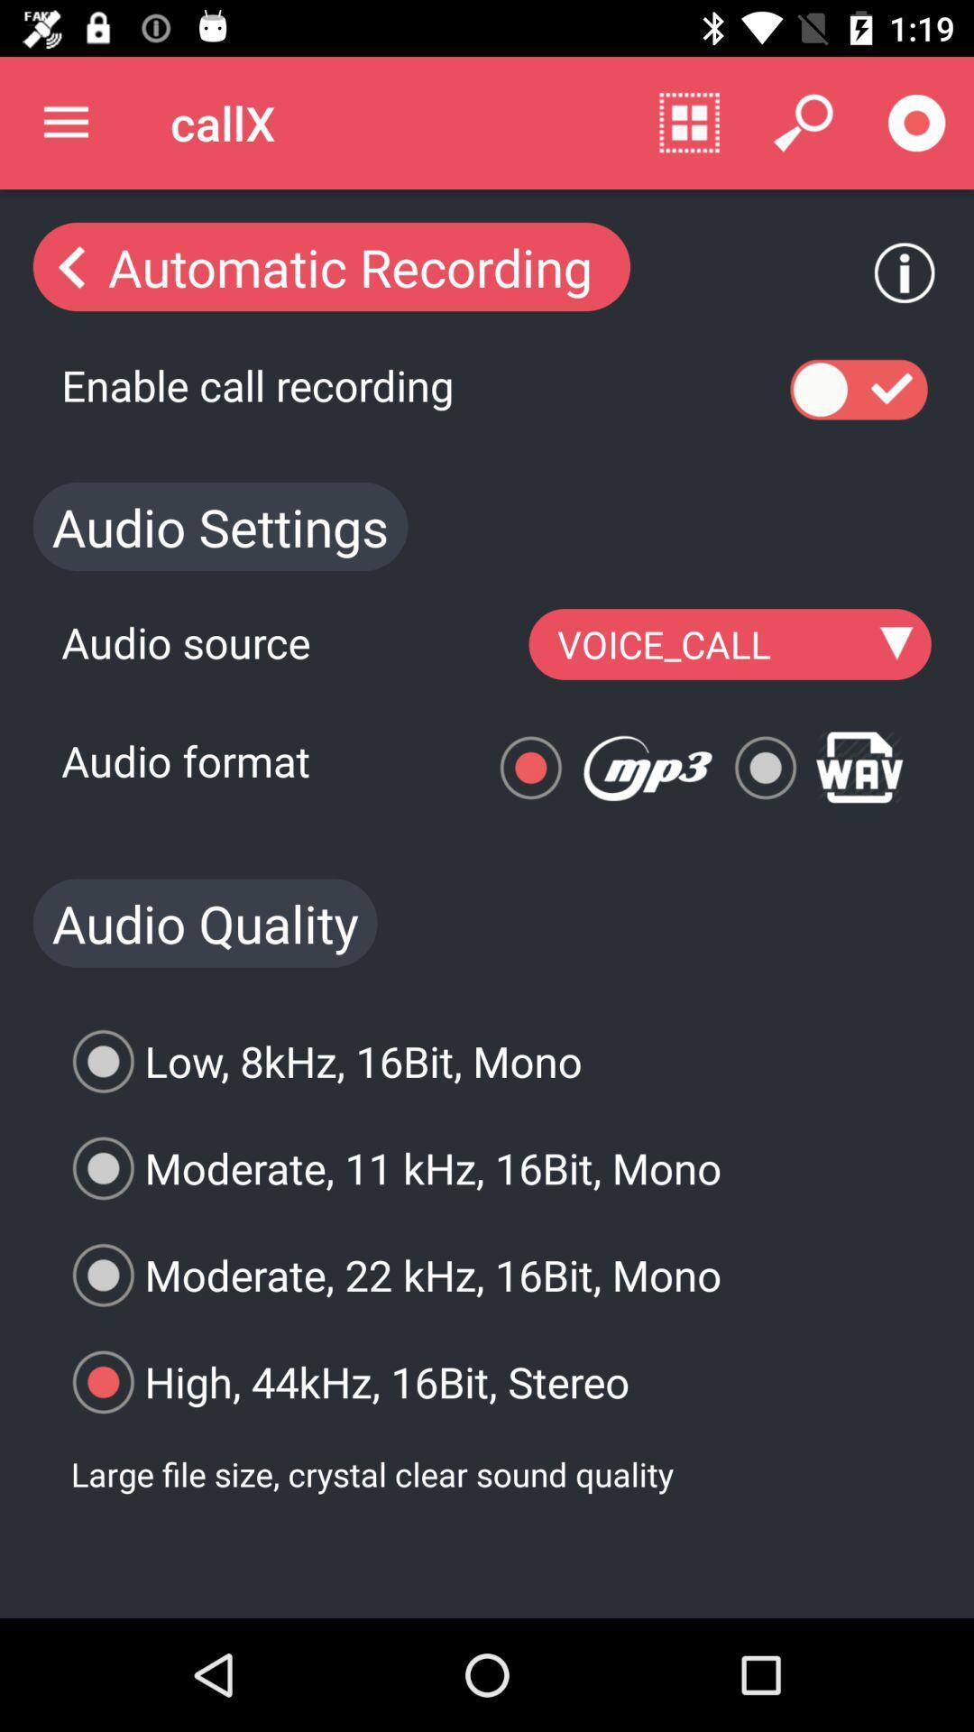 Image resolution: width=974 pixels, height=1732 pixels. What do you see at coordinates (57, 245) in the screenshot?
I see `the arrow_backward icon` at bounding box center [57, 245].